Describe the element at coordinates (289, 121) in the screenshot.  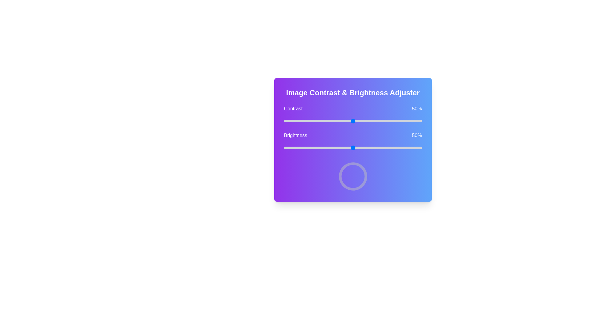
I see `the 0 slider to 4% to observe changes in the circle` at that location.